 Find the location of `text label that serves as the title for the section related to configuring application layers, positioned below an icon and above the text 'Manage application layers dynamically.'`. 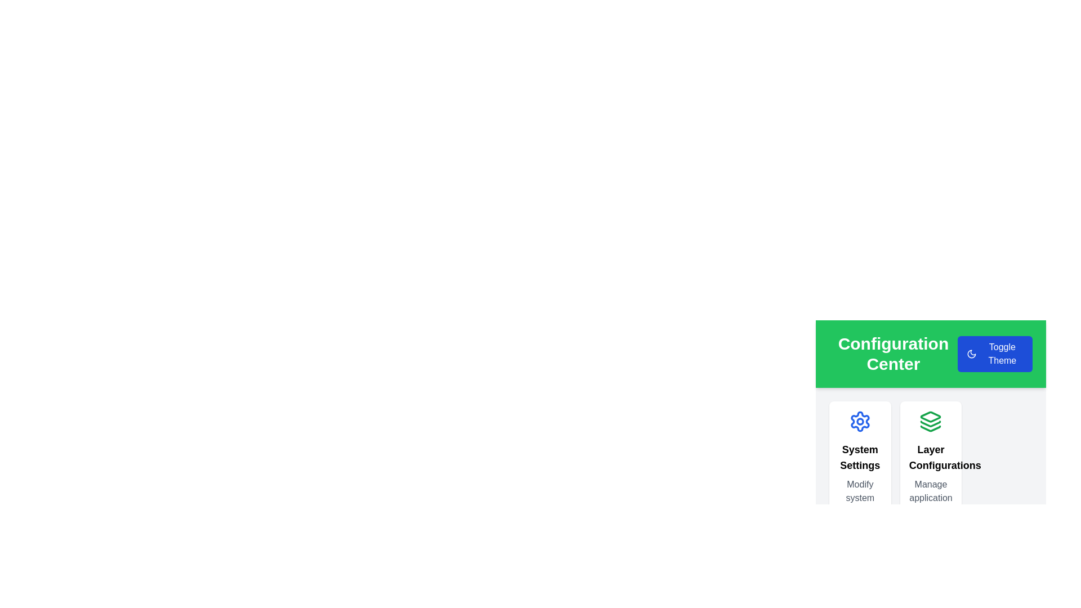

text label that serves as the title for the section related to configuring application layers, positioned below an icon and above the text 'Manage application layers dynamically.' is located at coordinates (931, 458).